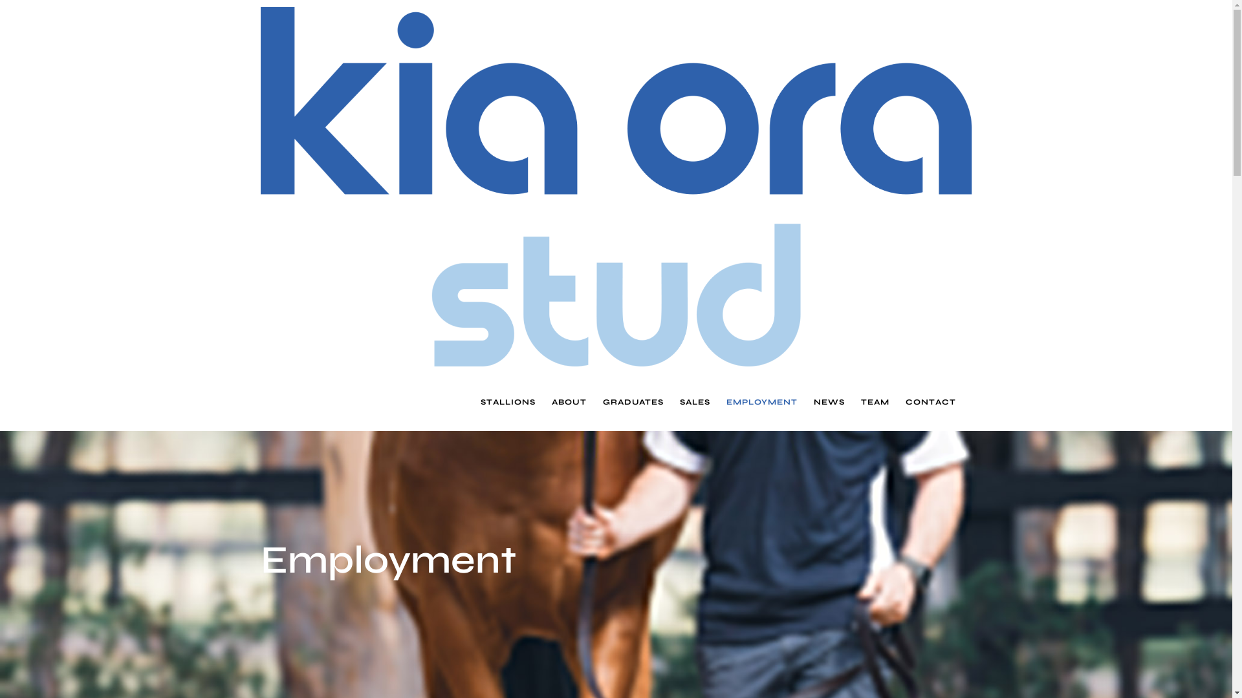  I want to click on 'EMPLOYMENT', so click(726, 401).